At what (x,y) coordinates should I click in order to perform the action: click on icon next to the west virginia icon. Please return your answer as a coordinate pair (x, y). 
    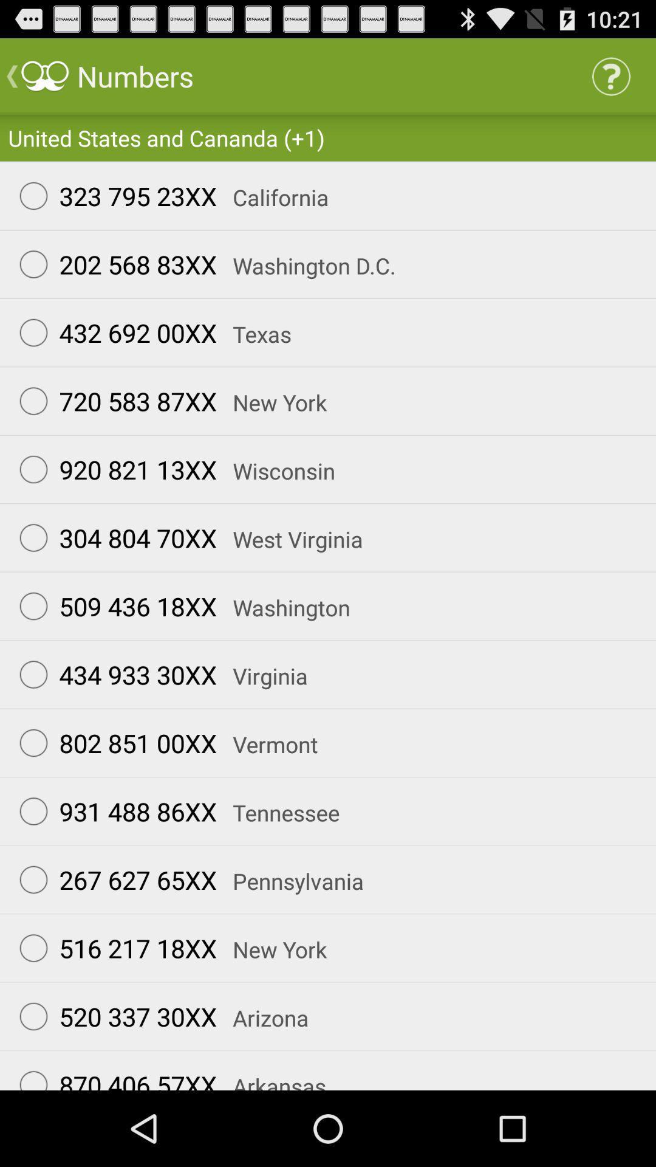
    Looking at the image, I should click on (112, 537).